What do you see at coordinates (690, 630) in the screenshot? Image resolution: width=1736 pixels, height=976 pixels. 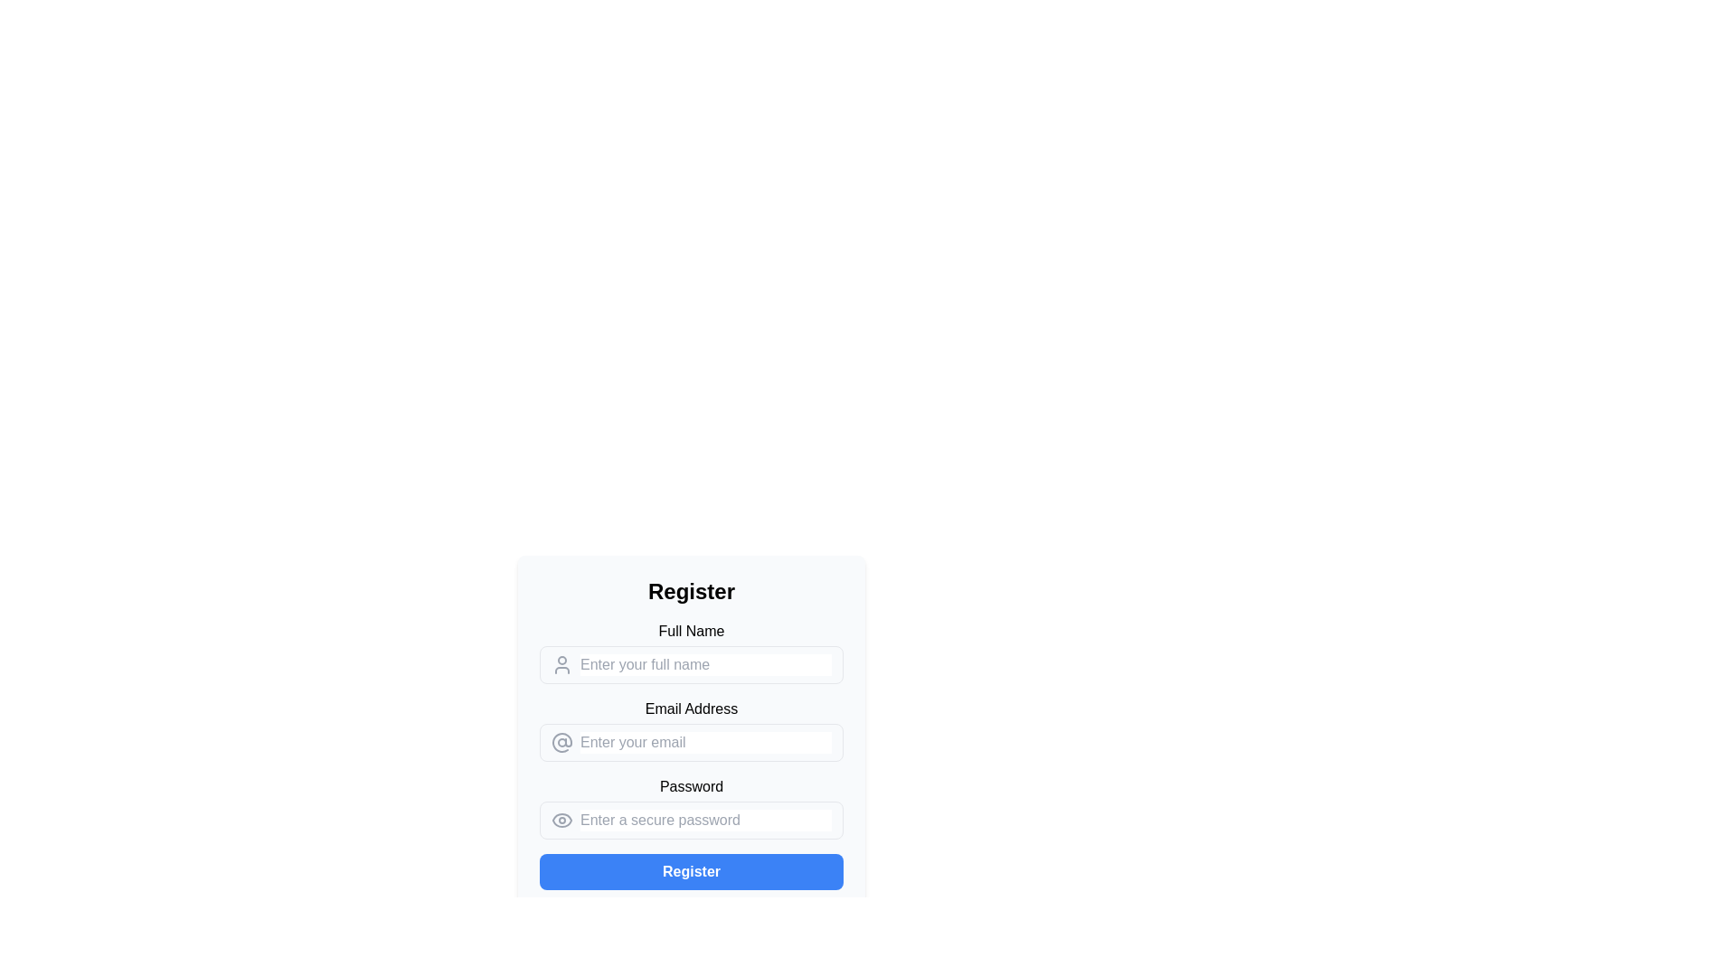 I see `the Text label that indicates the purpose of the input field for entering the user's full name, located directly above the input box` at bounding box center [690, 630].